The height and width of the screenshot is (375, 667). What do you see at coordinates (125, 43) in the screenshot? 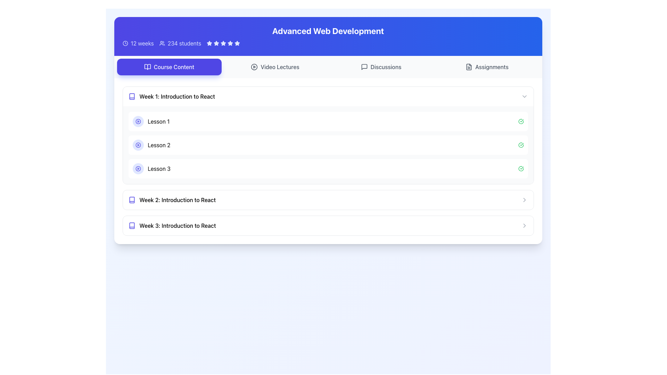
I see `the clock icon located in the top section of the interface, underneath the title 'Advanced Web Development', to the left of the text '12 weeks'` at bounding box center [125, 43].